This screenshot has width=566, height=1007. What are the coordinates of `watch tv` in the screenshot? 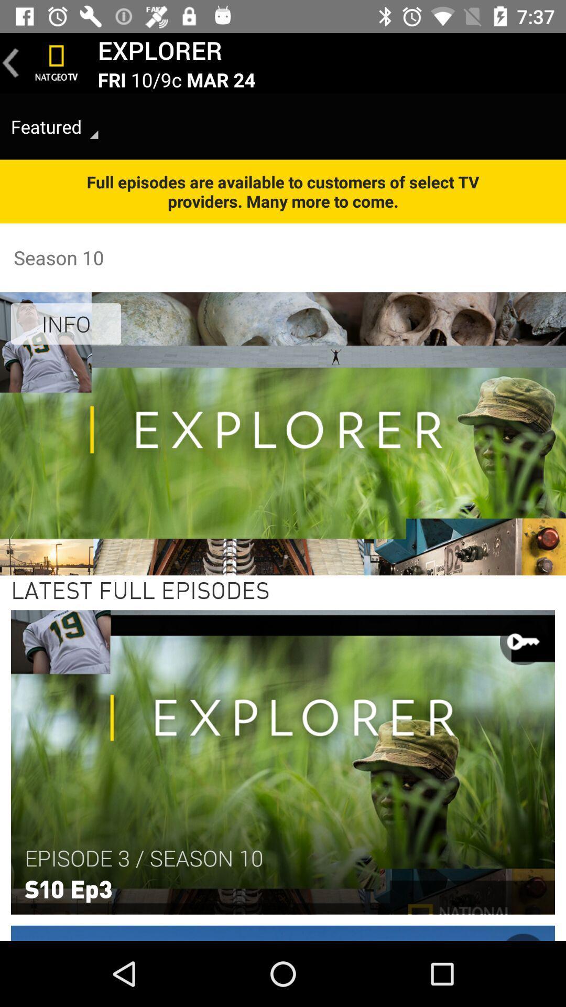 It's located at (57, 62).